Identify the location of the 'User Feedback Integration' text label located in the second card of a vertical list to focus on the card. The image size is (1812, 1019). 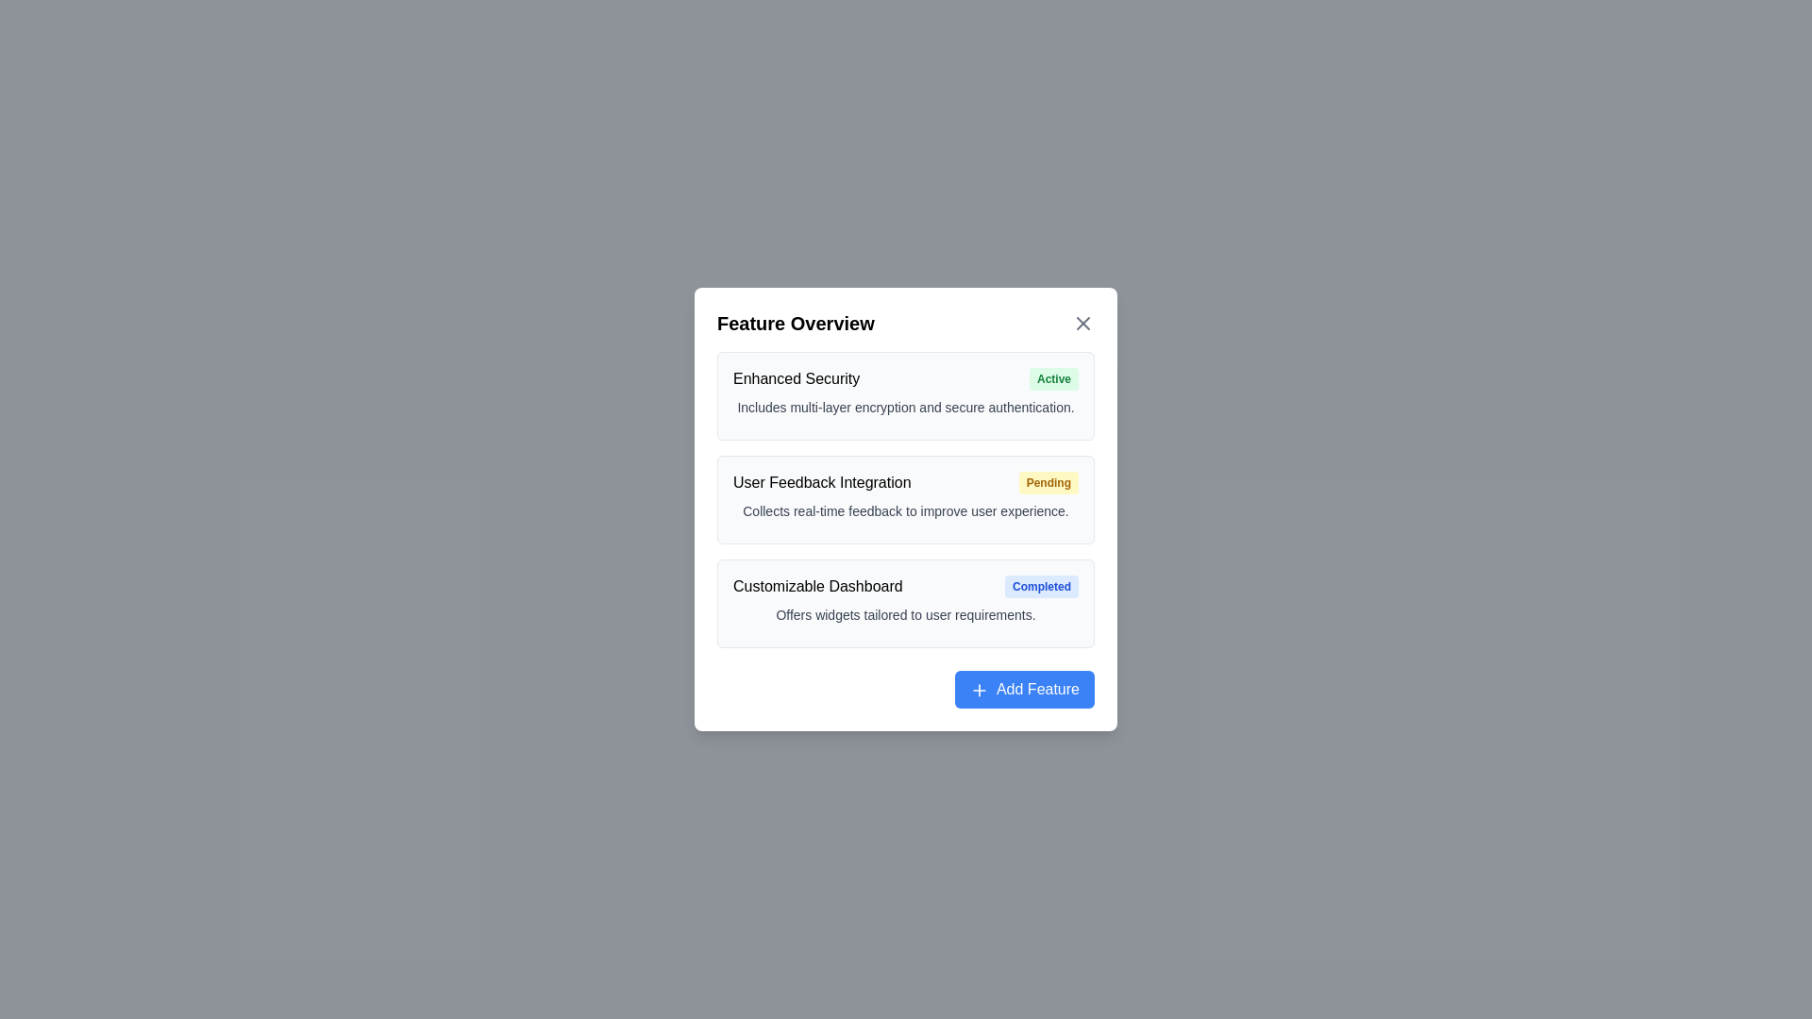
(821, 482).